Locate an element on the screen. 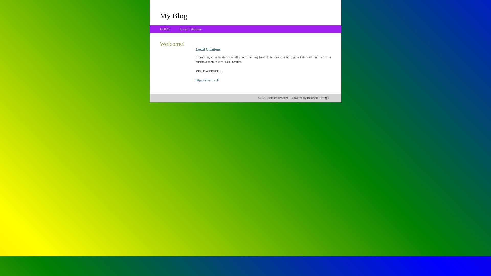  'Local Citations' is located at coordinates (190, 29).